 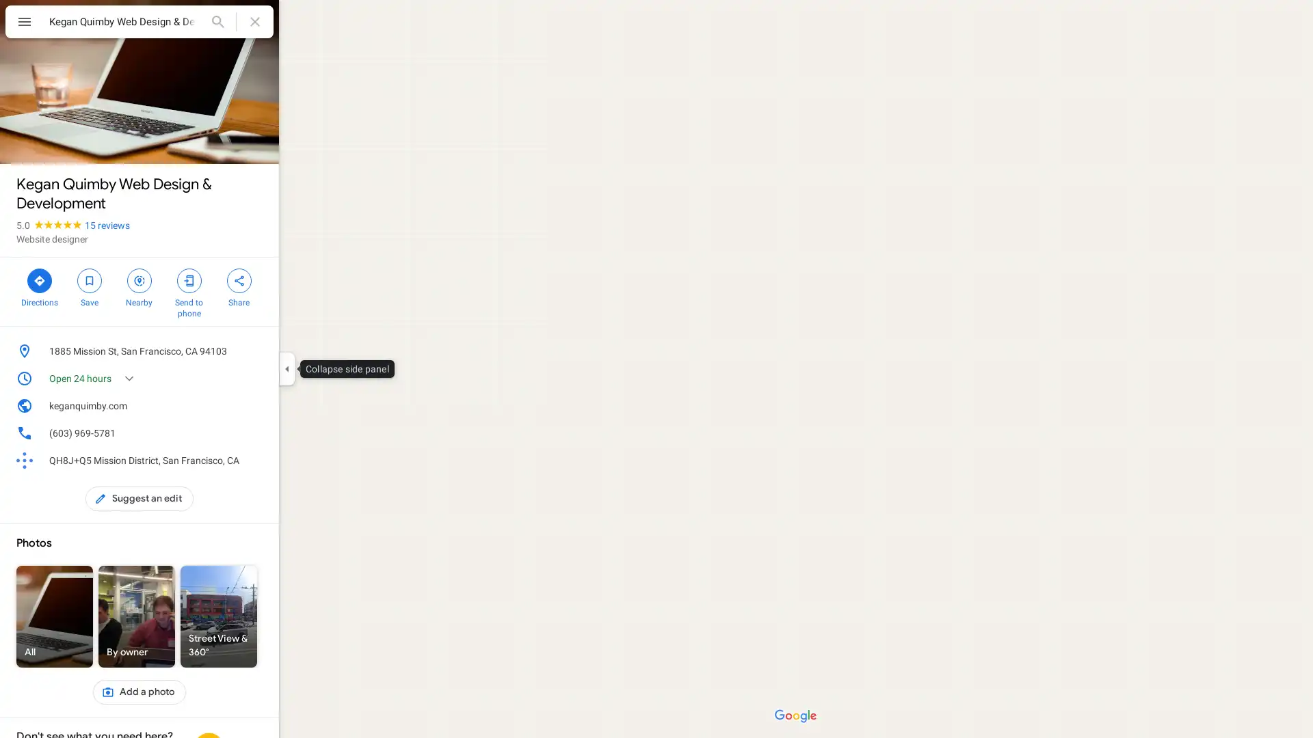 I want to click on Add a photo, so click(x=139, y=692).